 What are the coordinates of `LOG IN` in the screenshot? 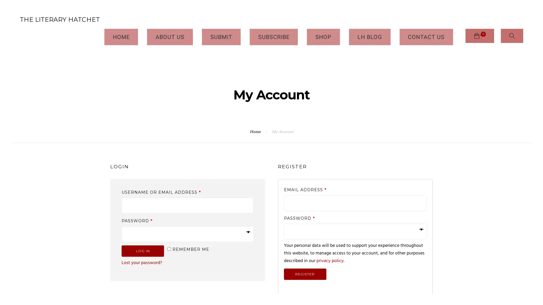 It's located at (143, 233).